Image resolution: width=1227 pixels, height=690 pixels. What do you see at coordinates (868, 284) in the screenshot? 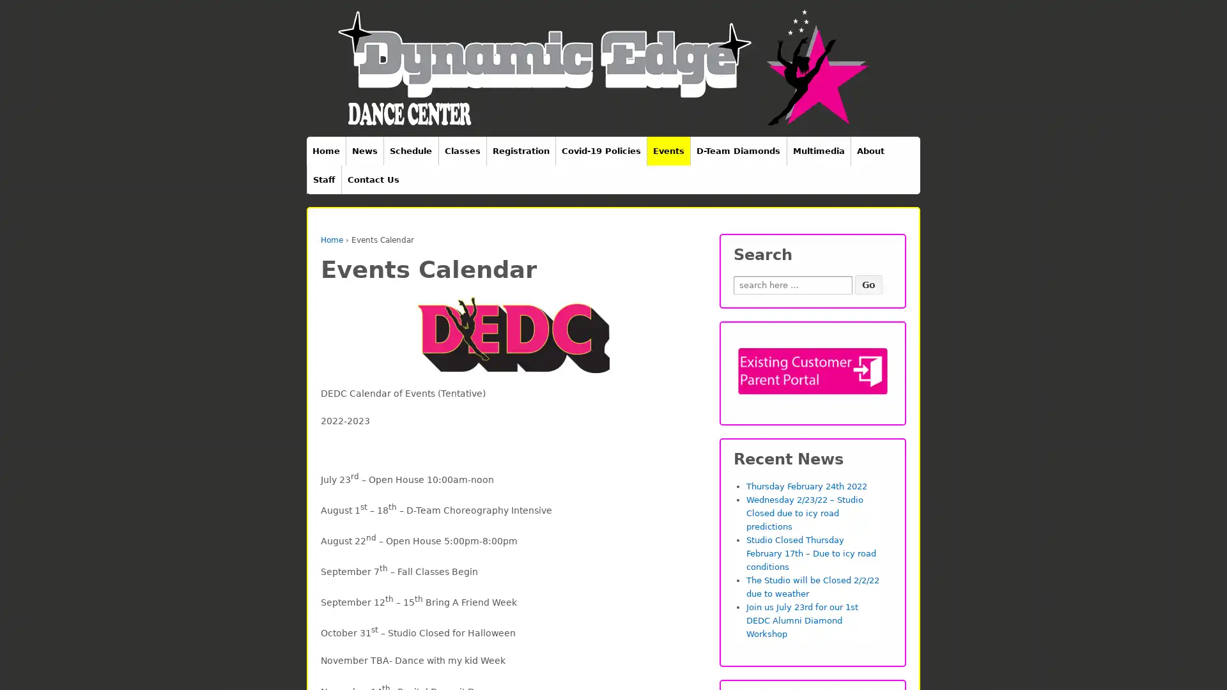
I see `Go` at bounding box center [868, 284].